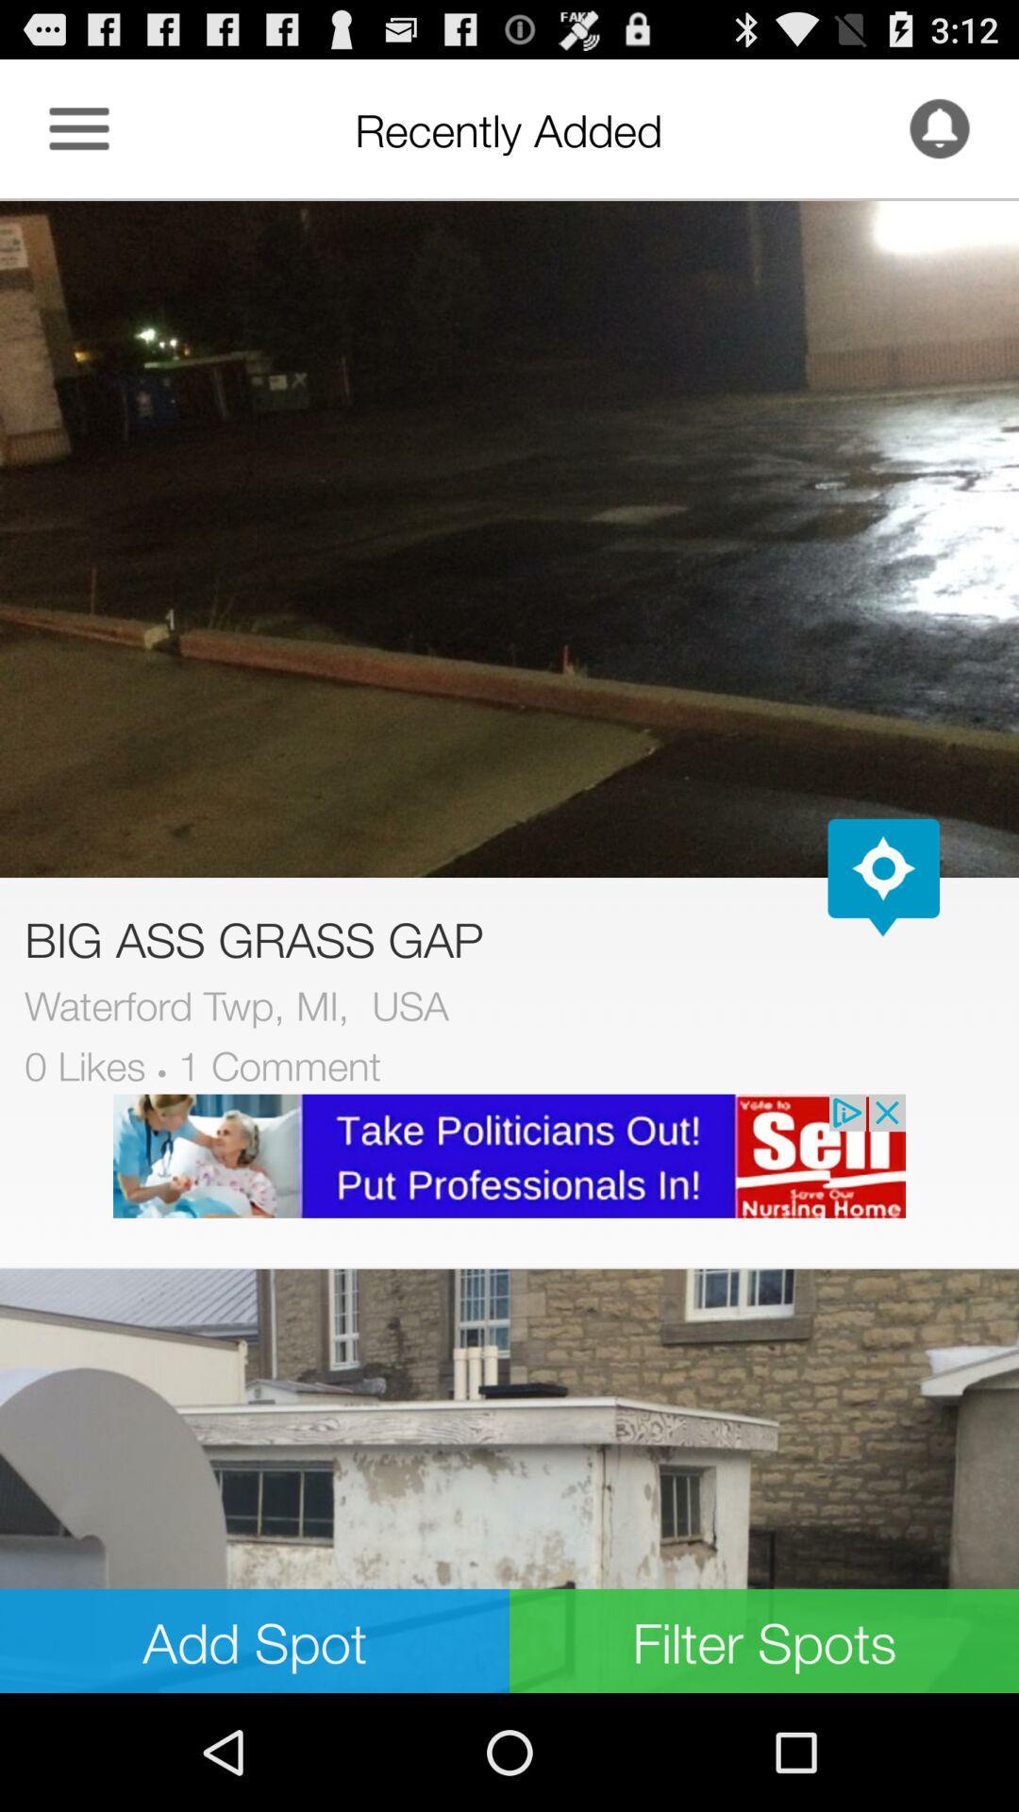  I want to click on the advertised site, so click(509, 1155).